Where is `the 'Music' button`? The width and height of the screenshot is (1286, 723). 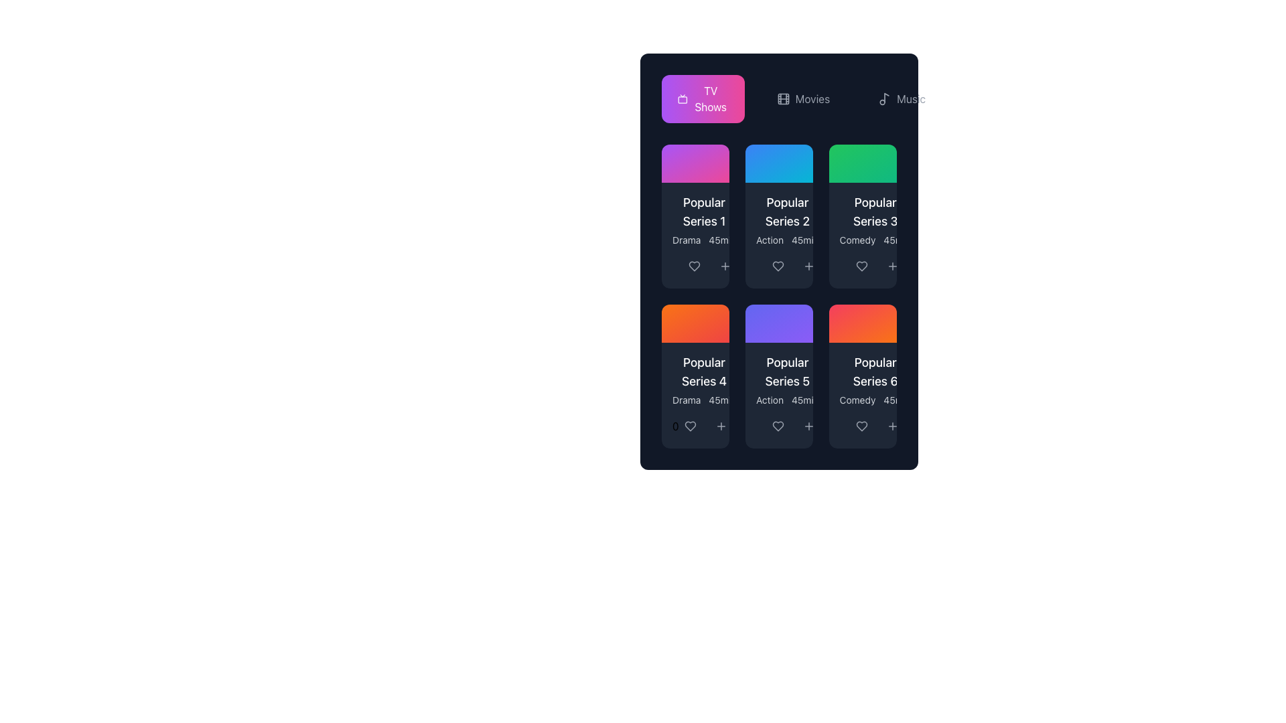 the 'Music' button is located at coordinates (902, 98).